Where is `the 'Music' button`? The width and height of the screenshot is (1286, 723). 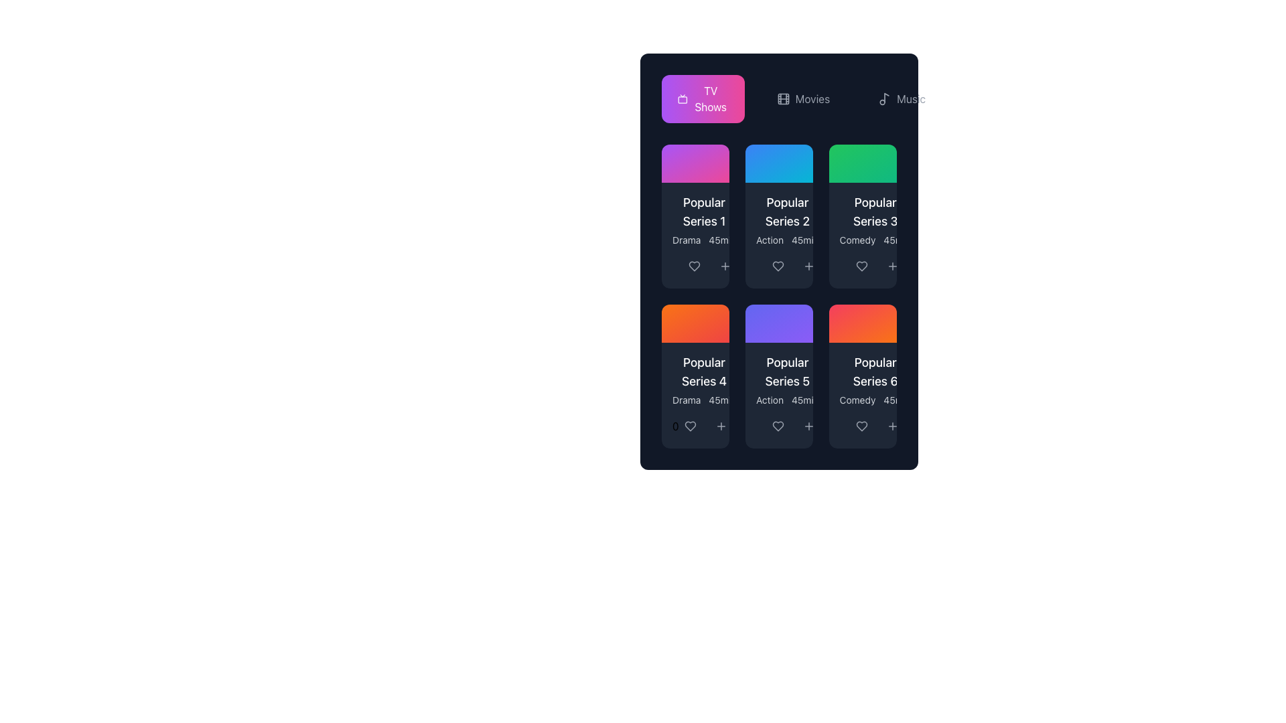 the 'Music' button is located at coordinates (902, 98).